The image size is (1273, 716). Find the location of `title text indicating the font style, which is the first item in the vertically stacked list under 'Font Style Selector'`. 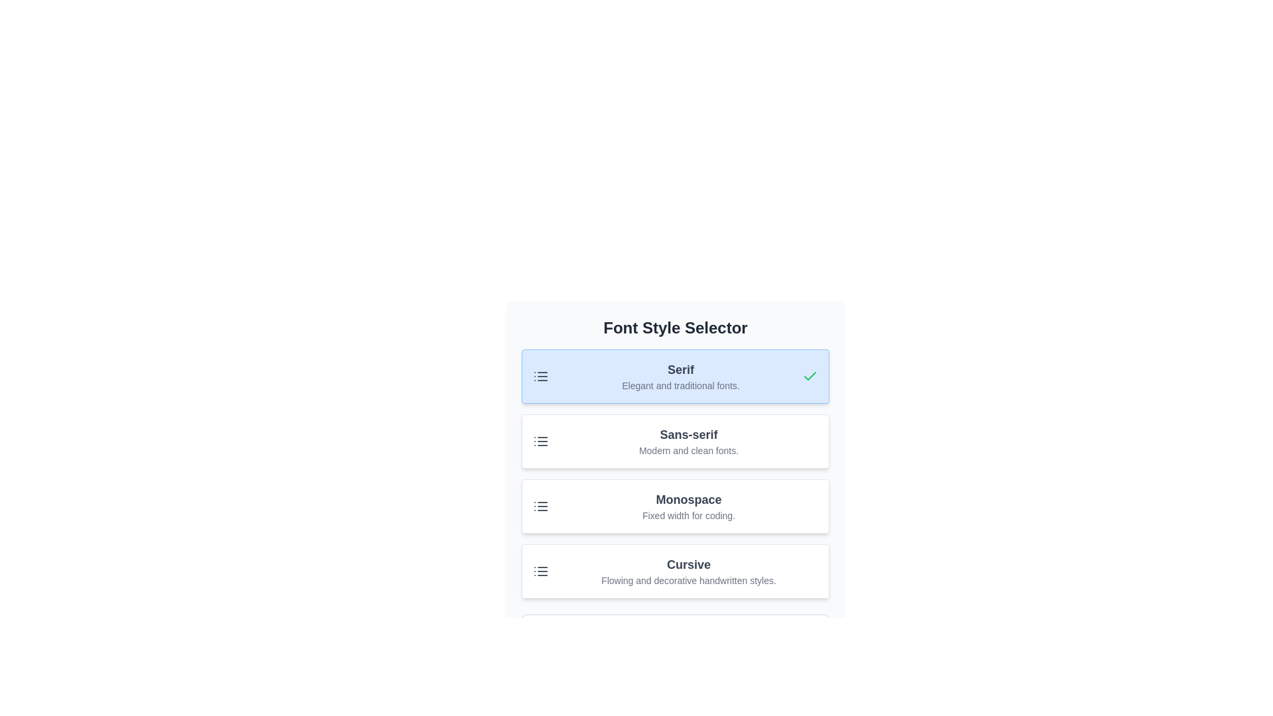

title text indicating the font style, which is the first item in the vertically stacked list under 'Font Style Selector' is located at coordinates (681, 370).